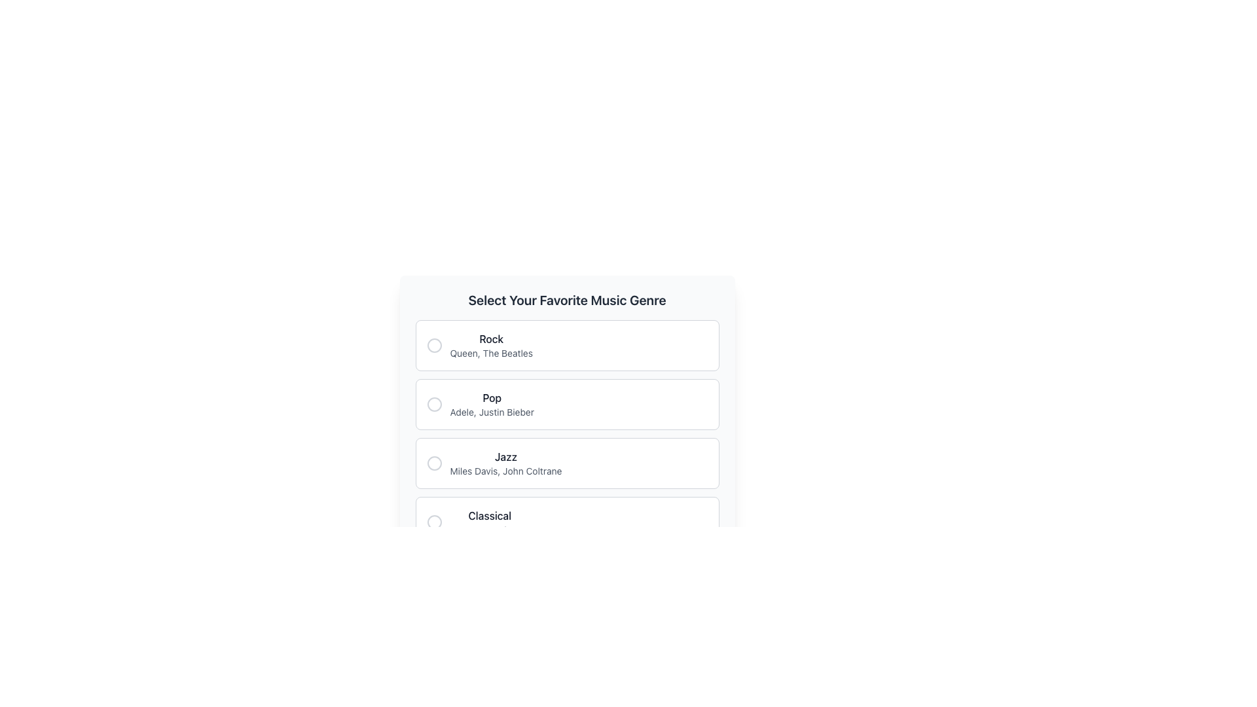 This screenshot has height=707, width=1257. I want to click on the text label representing the music genre 'Jazz', which is located in the third selection option of the list, beneath 'Pop' and above 'Classical', so click(505, 456).